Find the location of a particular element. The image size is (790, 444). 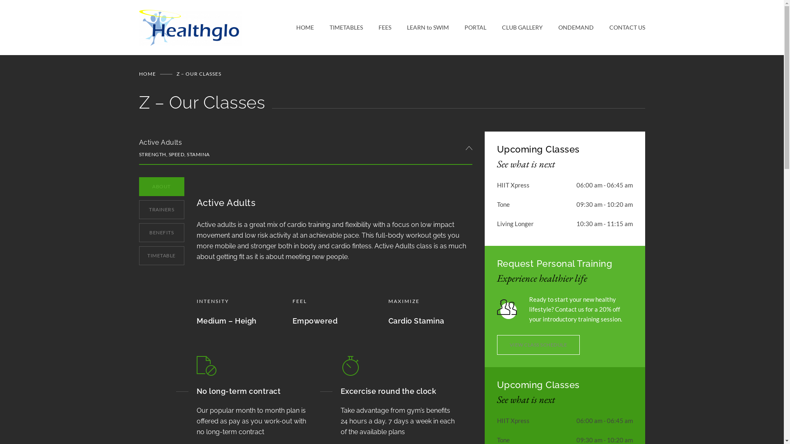

'BENEFITS' is located at coordinates (139, 233).